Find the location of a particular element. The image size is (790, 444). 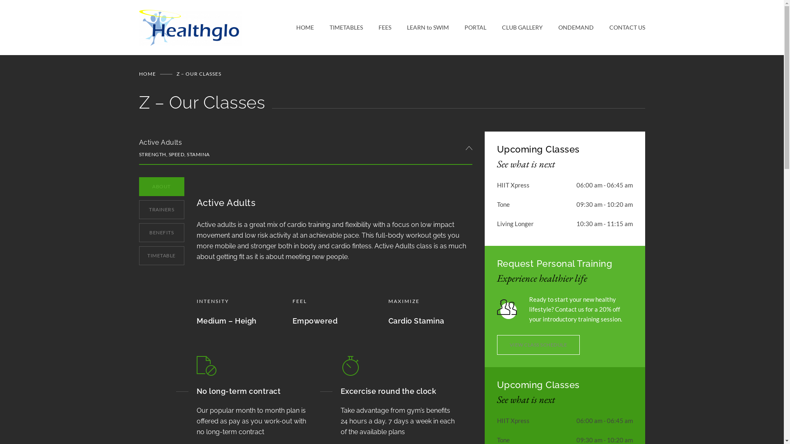

'BENEFITS' is located at coordinates (139, 233).